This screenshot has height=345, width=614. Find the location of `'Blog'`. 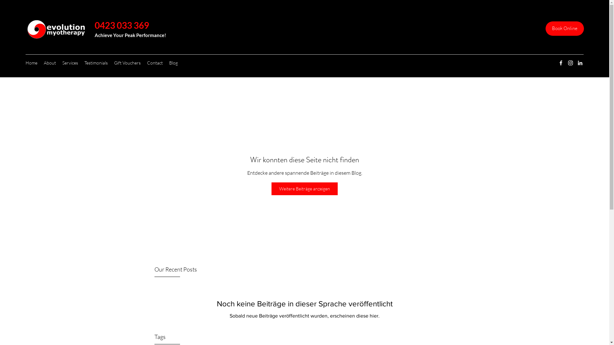

'Blog' is located at coordinates (173, 63).